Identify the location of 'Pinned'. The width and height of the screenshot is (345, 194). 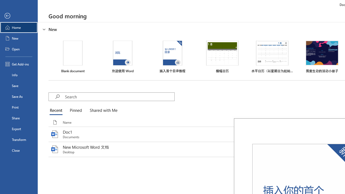
(75, 110).